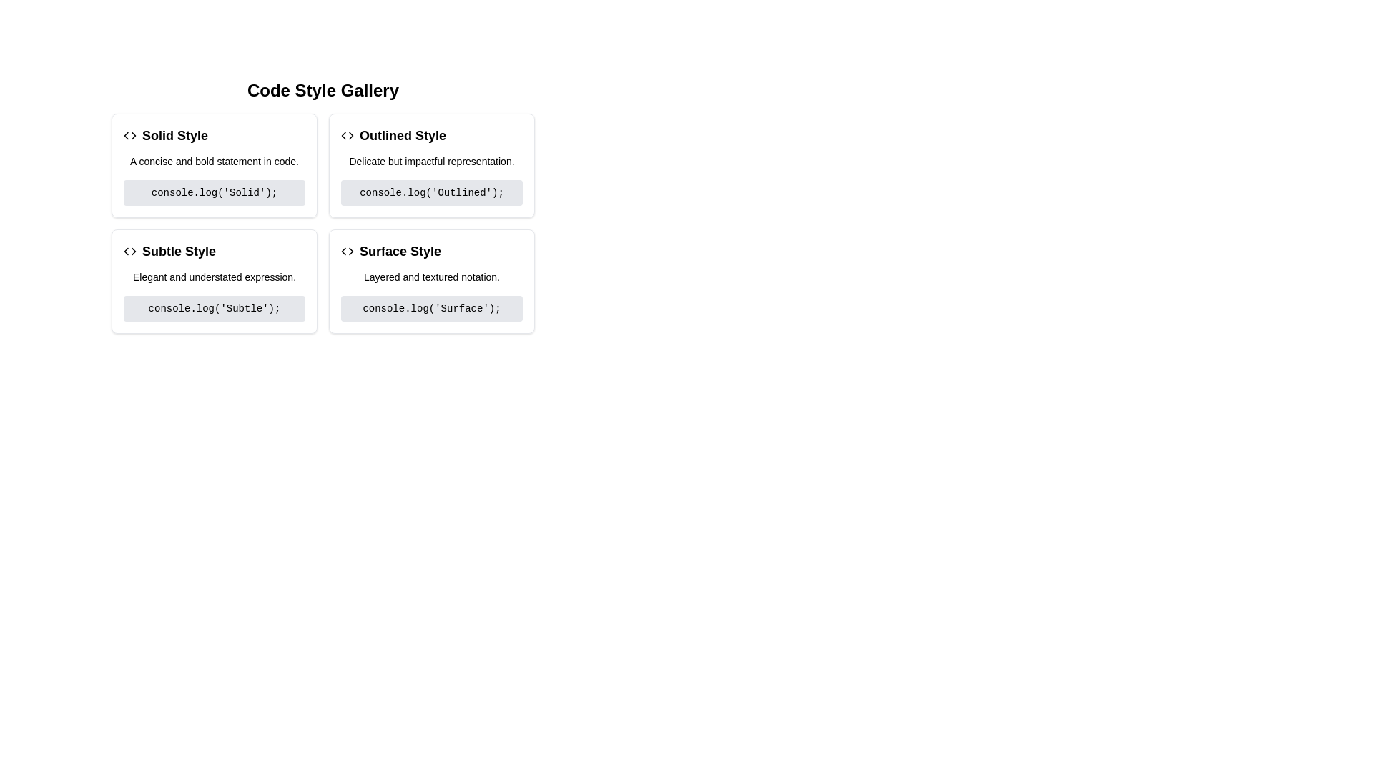 This screenshot has width=1373, height=772. What do you see at coordinates (134, 135) in the screenshot?
I see `the triangular-shaped vector graphic element that forms part of the SVG icon, specifically the right-pointing arrow within a left-right pairing, located to the left of the 'Solid Style' label text` at bounding box center [134, 135].